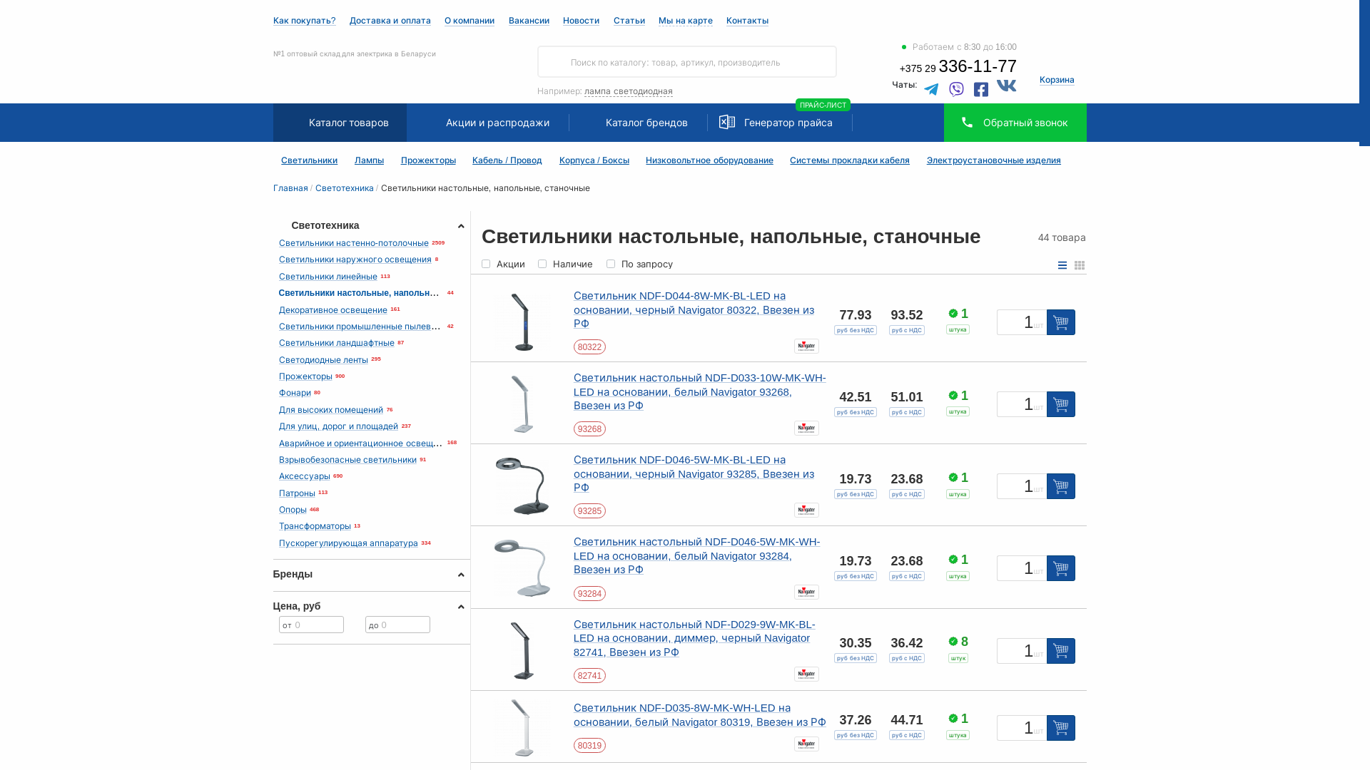 The image size is (1370, 770). What do you see at coordinates (958, 68) in the screenshot?
I see `'+375 29 336-11-77'` at bounding box center [958, 68].